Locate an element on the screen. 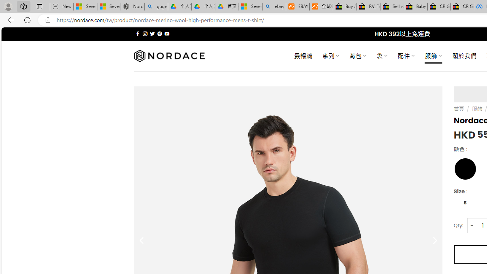 The height and width of the screenshot is (274, 487). 'RV, Trailer & Camper Steps & Ladders for sale | eBay' is located at coordinates (368, 6).